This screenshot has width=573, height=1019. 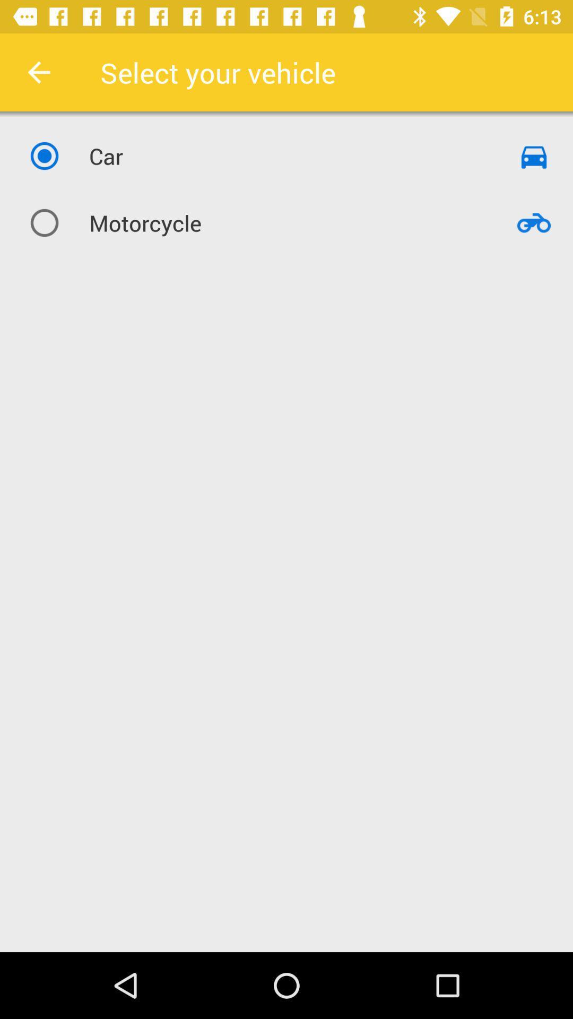 What do you see at coordinates (38, 72) in the screenshot?
I see `back` at bounding box center [38, 72].